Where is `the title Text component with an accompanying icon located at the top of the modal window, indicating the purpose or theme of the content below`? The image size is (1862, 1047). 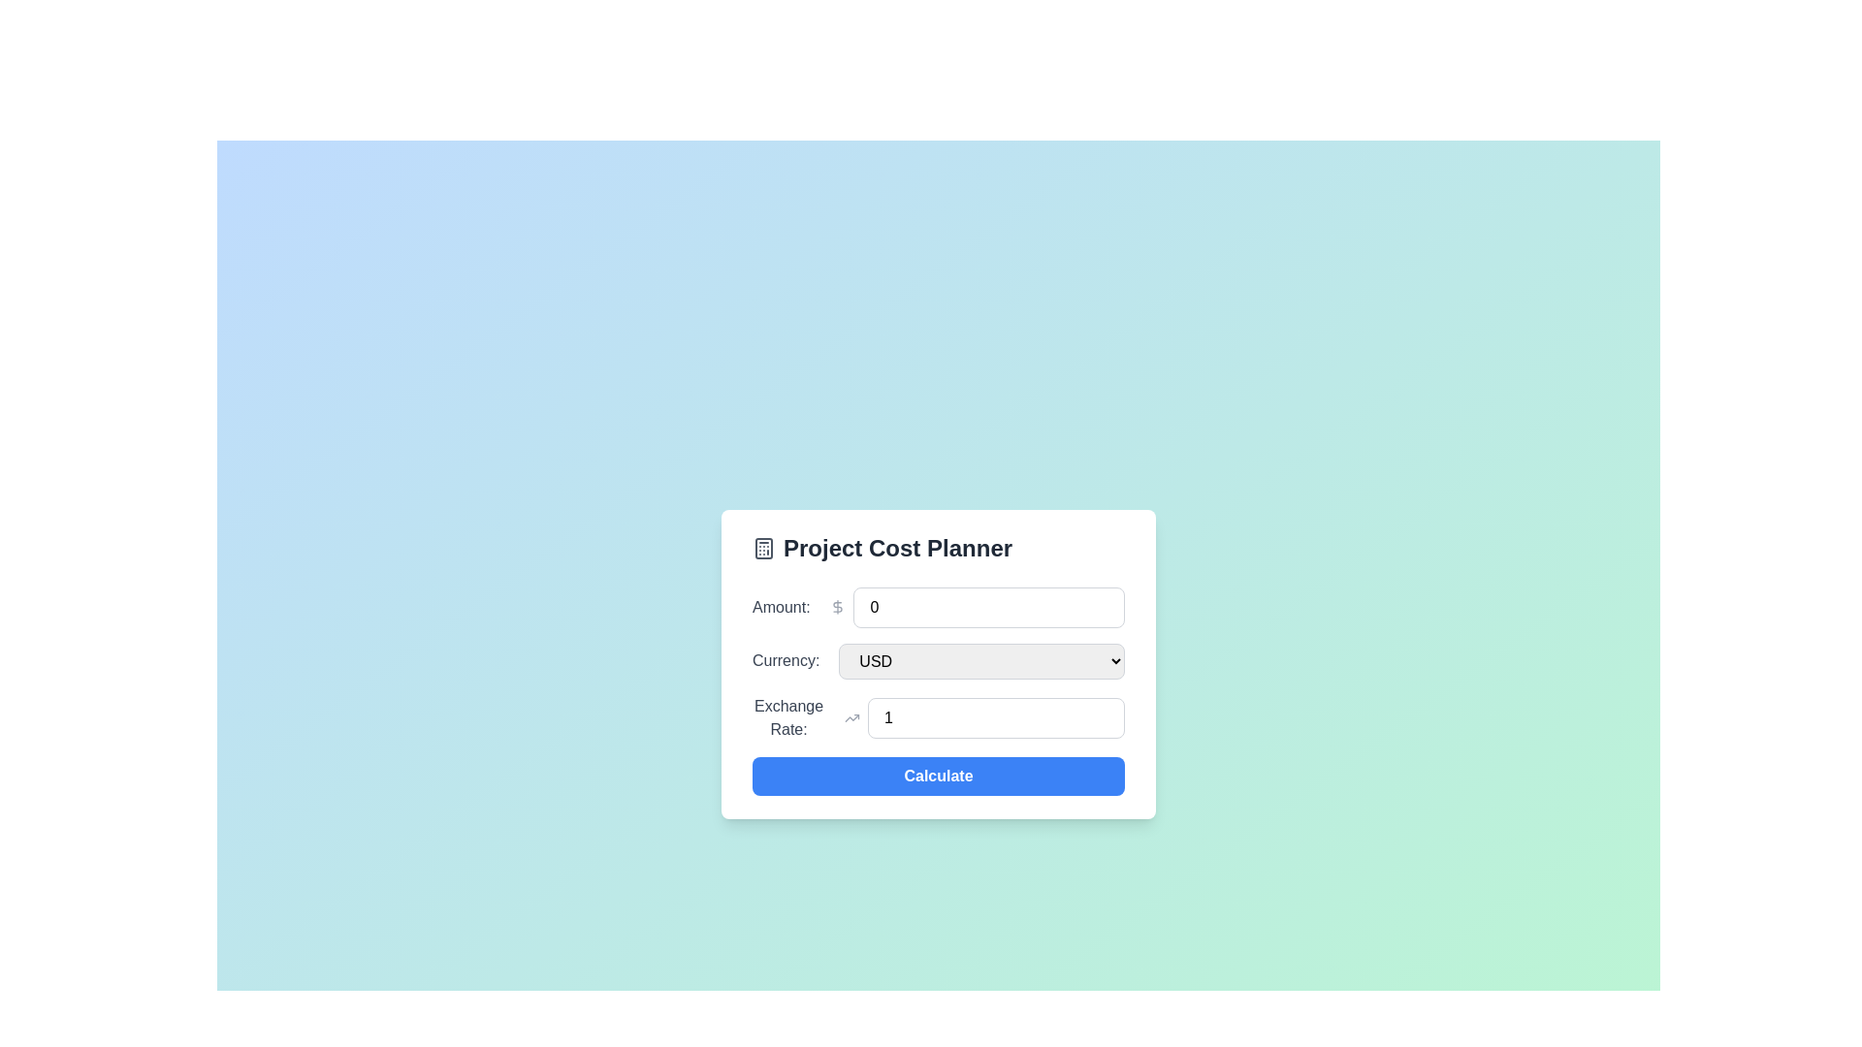 the title Text component with an accompanying icon located at the top of the modal window, indicating the purpose or theme of the content below is located at coordinates (939, 548).